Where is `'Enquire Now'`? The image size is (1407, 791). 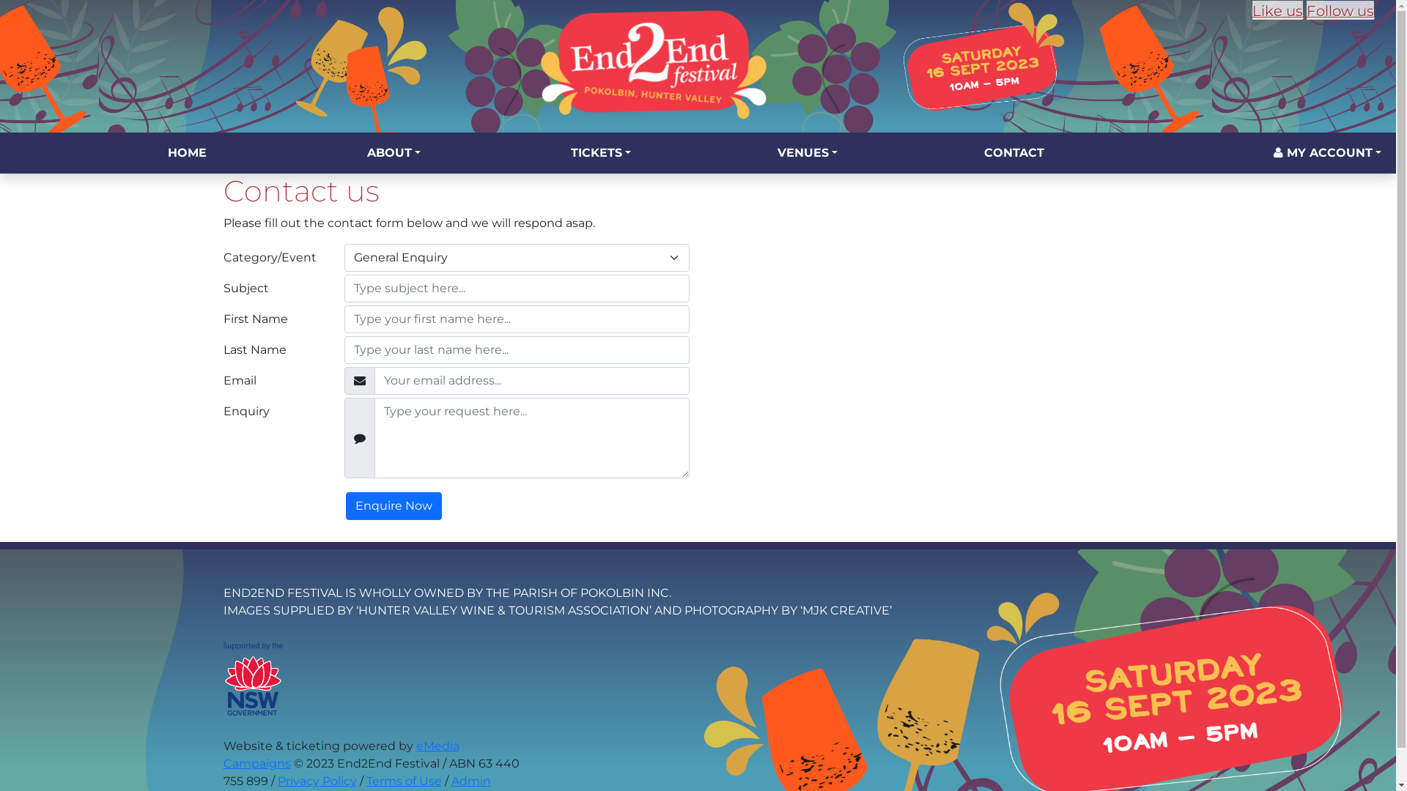
'Enquire Now' is located at coordinates (394, 505).